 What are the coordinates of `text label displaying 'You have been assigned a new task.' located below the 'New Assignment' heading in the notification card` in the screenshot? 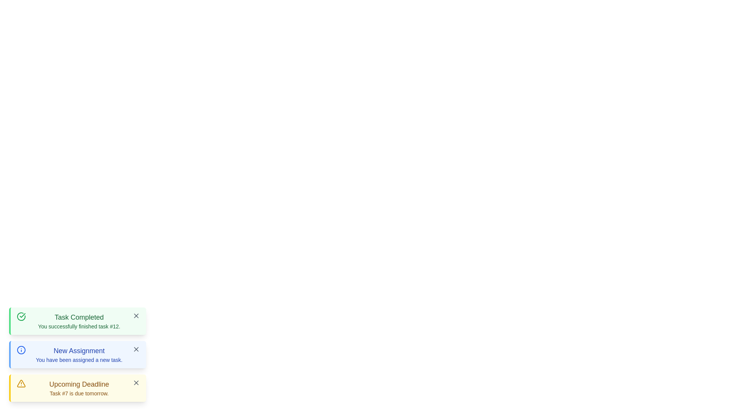 It's located at (79, 360).